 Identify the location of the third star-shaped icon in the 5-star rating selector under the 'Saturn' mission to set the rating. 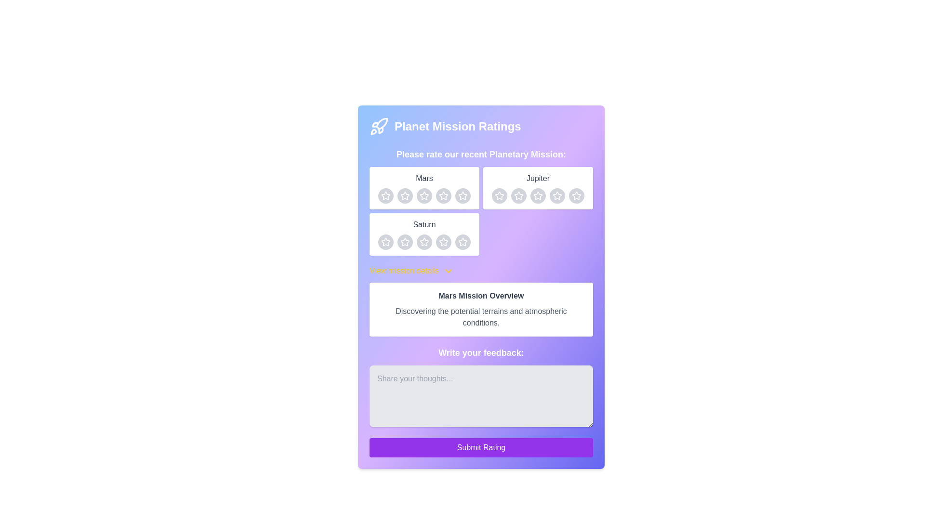
(462, 241).